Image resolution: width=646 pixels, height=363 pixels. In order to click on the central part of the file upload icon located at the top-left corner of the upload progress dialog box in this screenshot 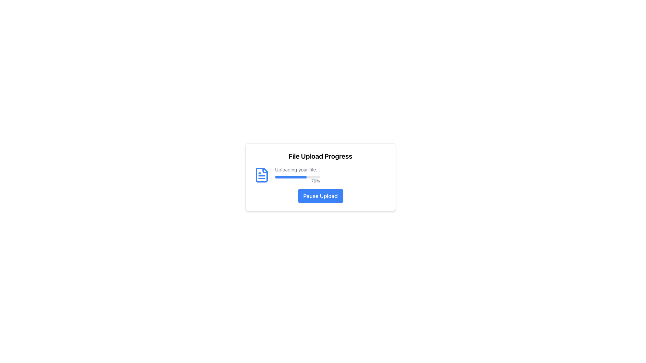, I will do `click(261, 174)`.